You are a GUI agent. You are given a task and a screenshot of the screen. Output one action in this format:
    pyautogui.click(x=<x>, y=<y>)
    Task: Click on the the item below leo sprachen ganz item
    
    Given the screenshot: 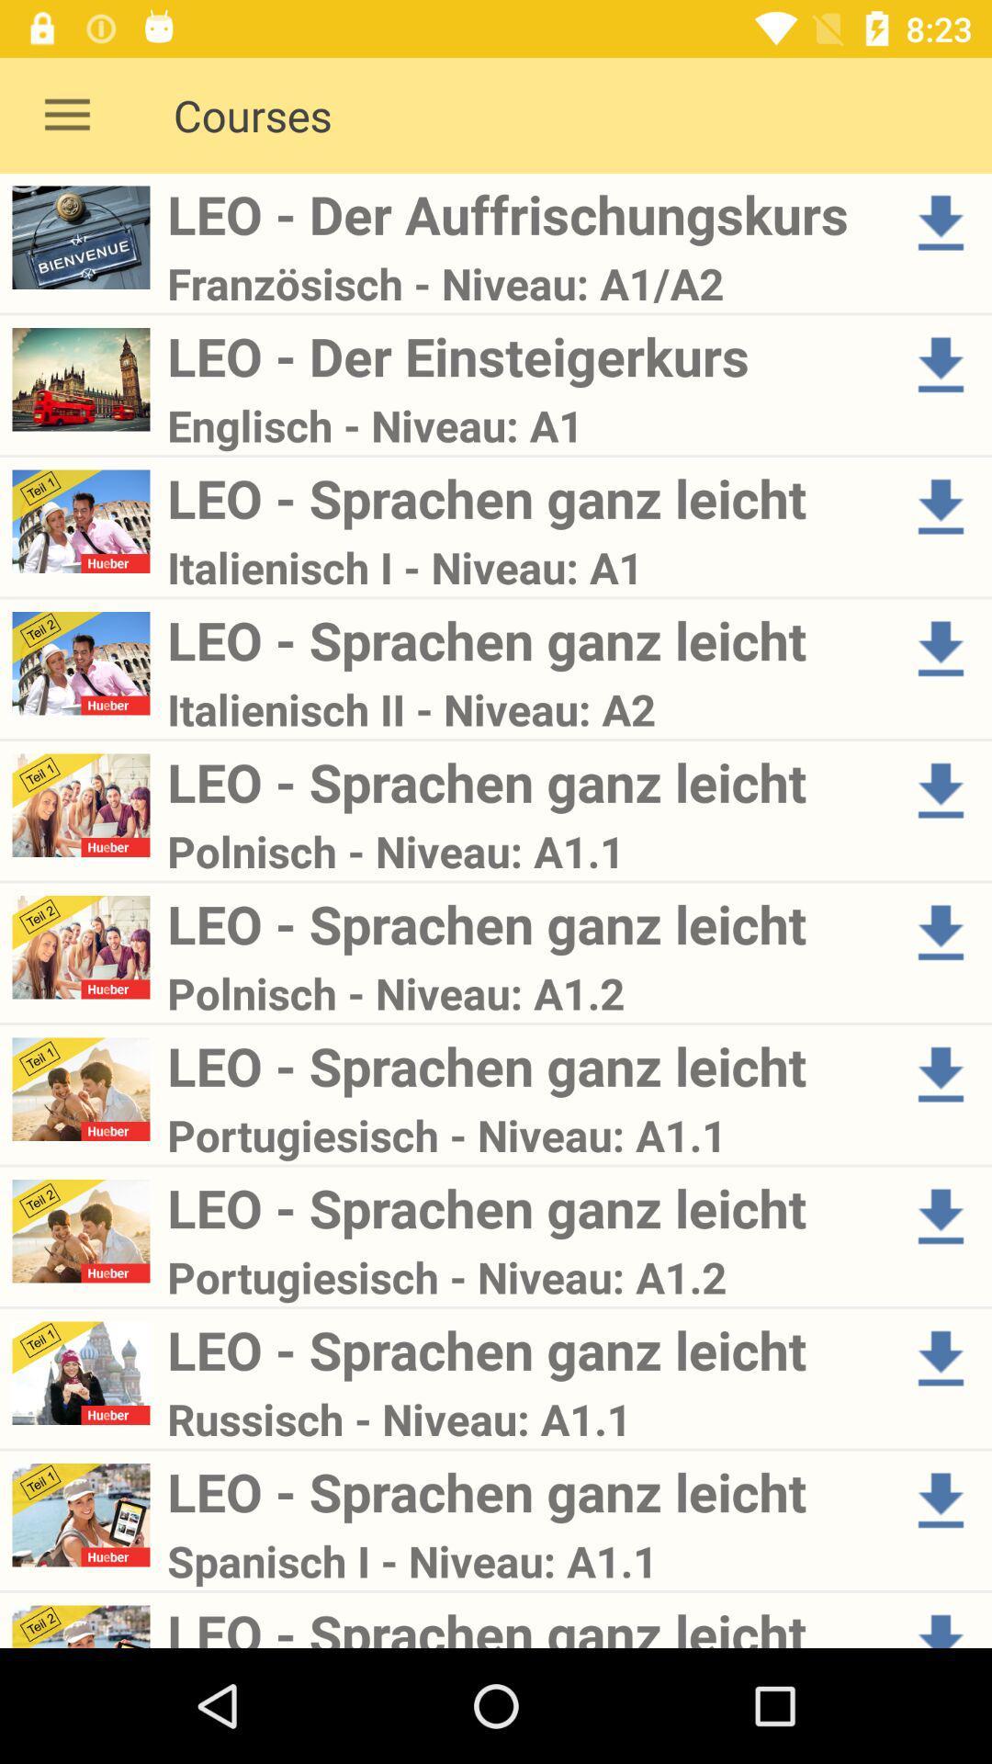 What is the action you would take?
    pyautogui.click(x=526, y=1560)
    